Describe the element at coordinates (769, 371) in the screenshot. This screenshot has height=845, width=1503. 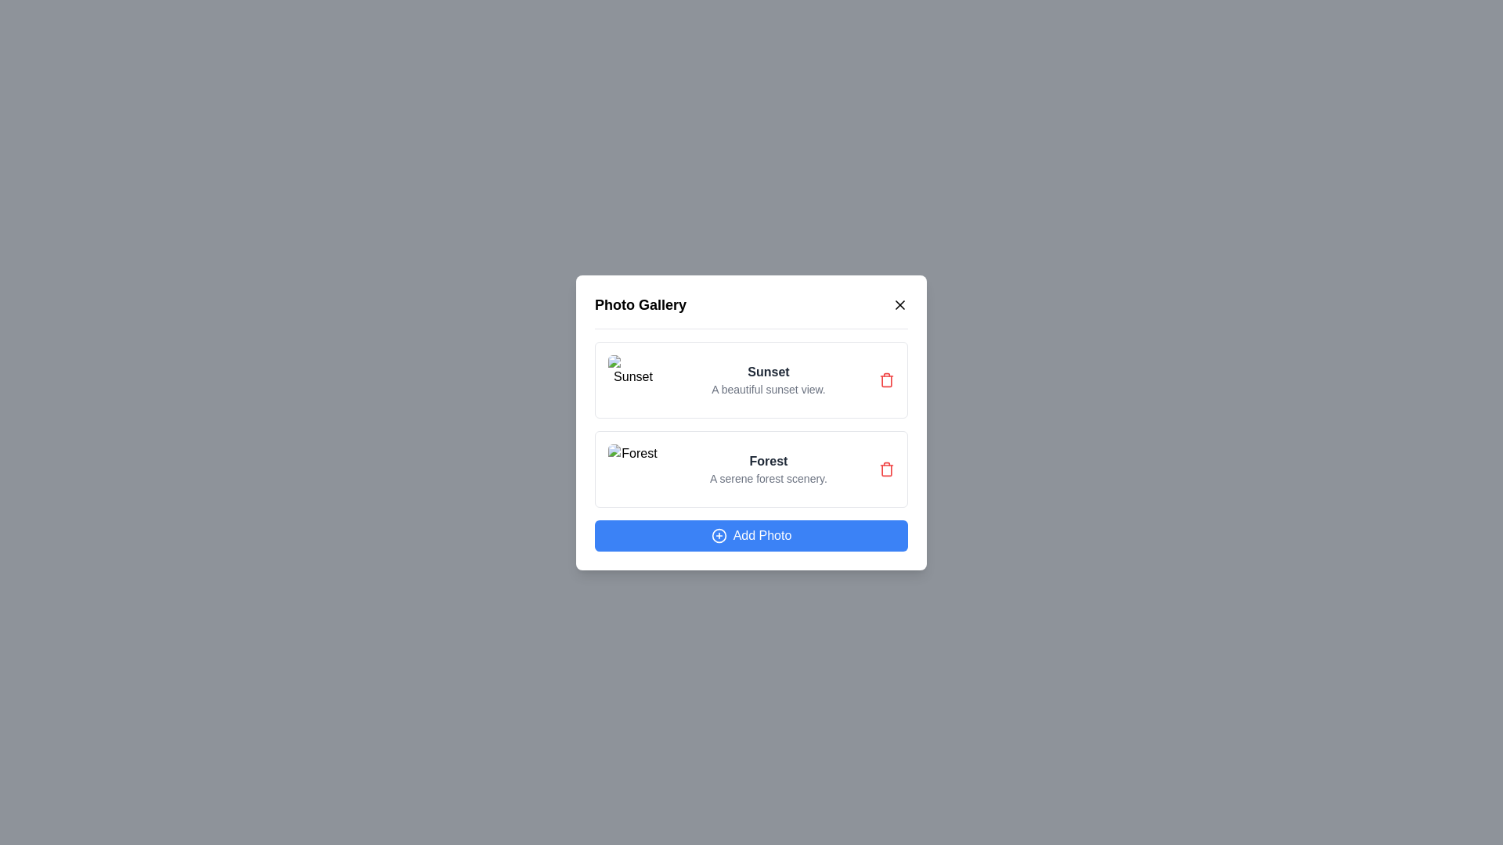
I see `the text label that serves as the title for the first photo gallery entry, positioned to the right of the placeholder image icon` at that location.